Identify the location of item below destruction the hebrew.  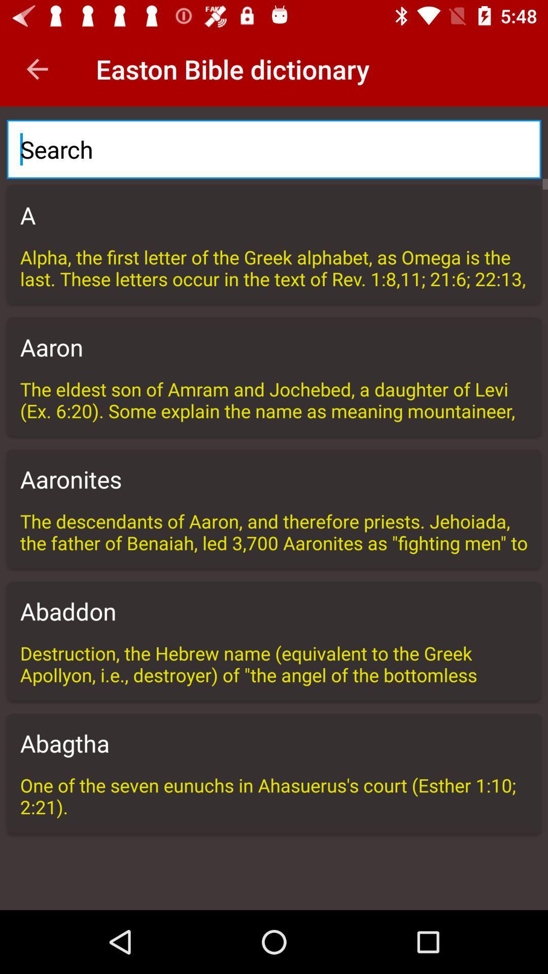
(274, 743).